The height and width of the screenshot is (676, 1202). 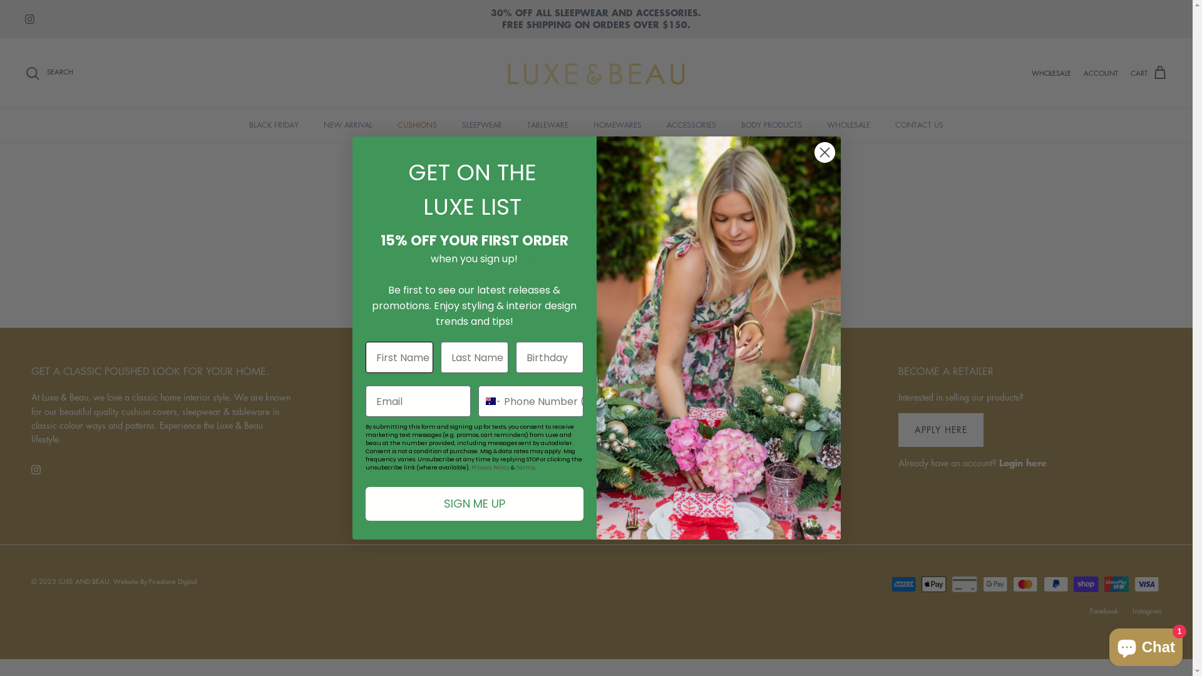 I want to click on 'TABLEWARE', so click(x=547, y=125).